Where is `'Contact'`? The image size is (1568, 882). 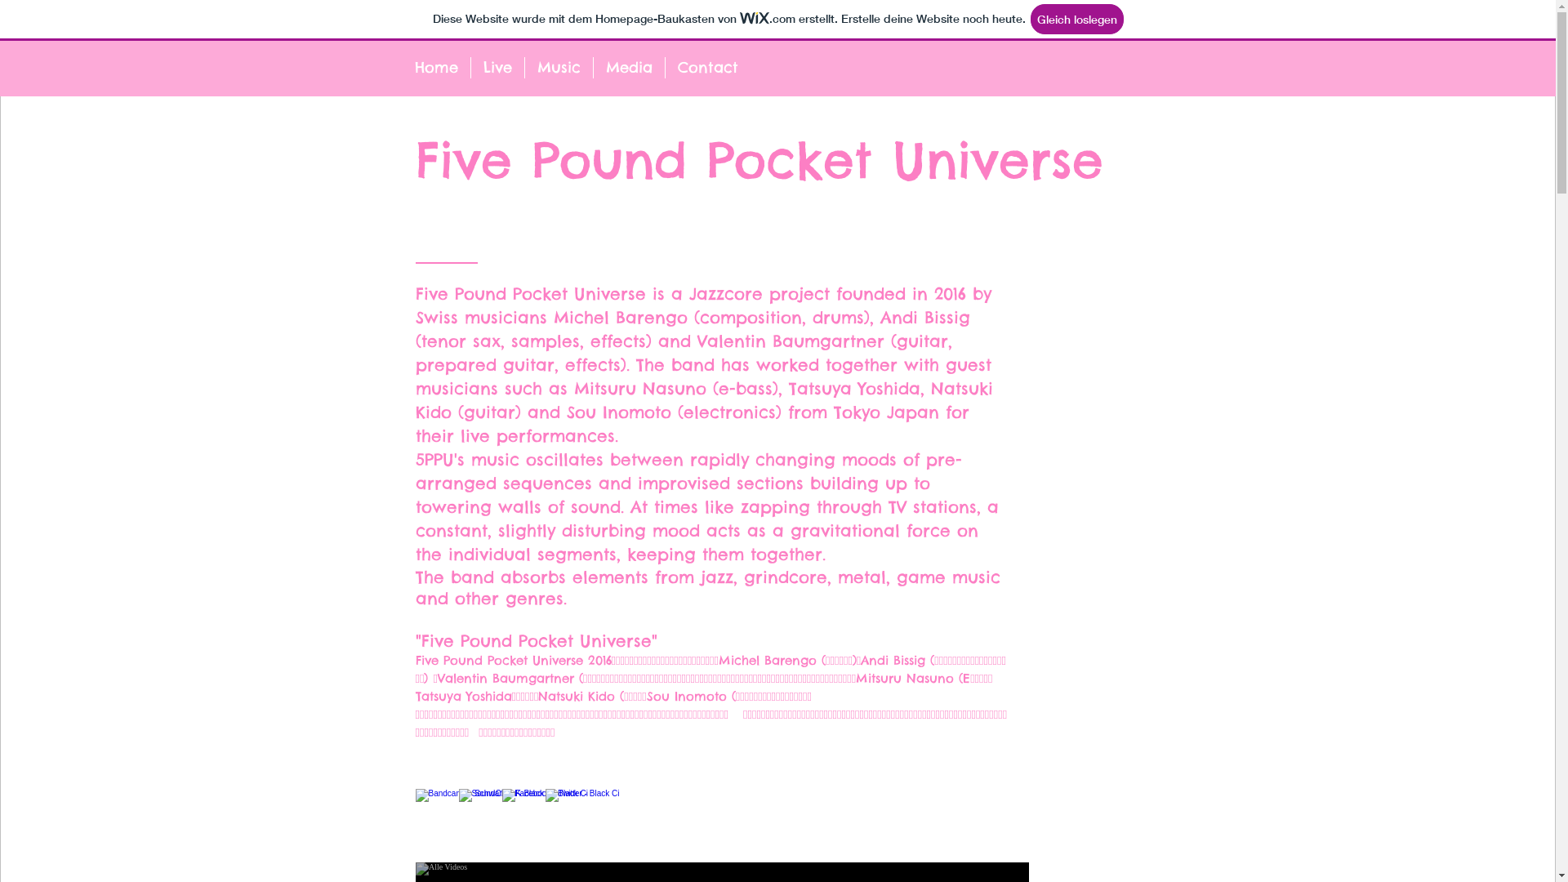
'Contact' is located at coordinates (706, 67).